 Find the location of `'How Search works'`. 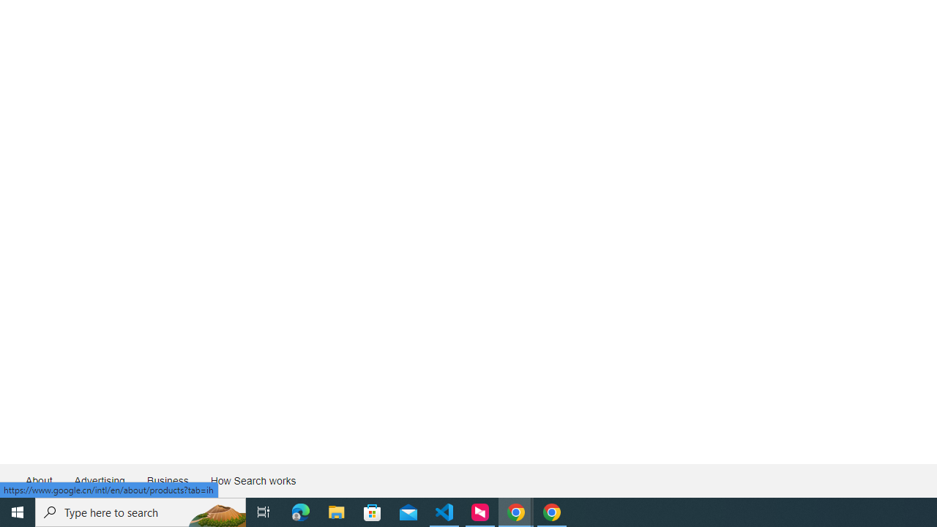

'How Search works' is located at coordinates (253, 481).